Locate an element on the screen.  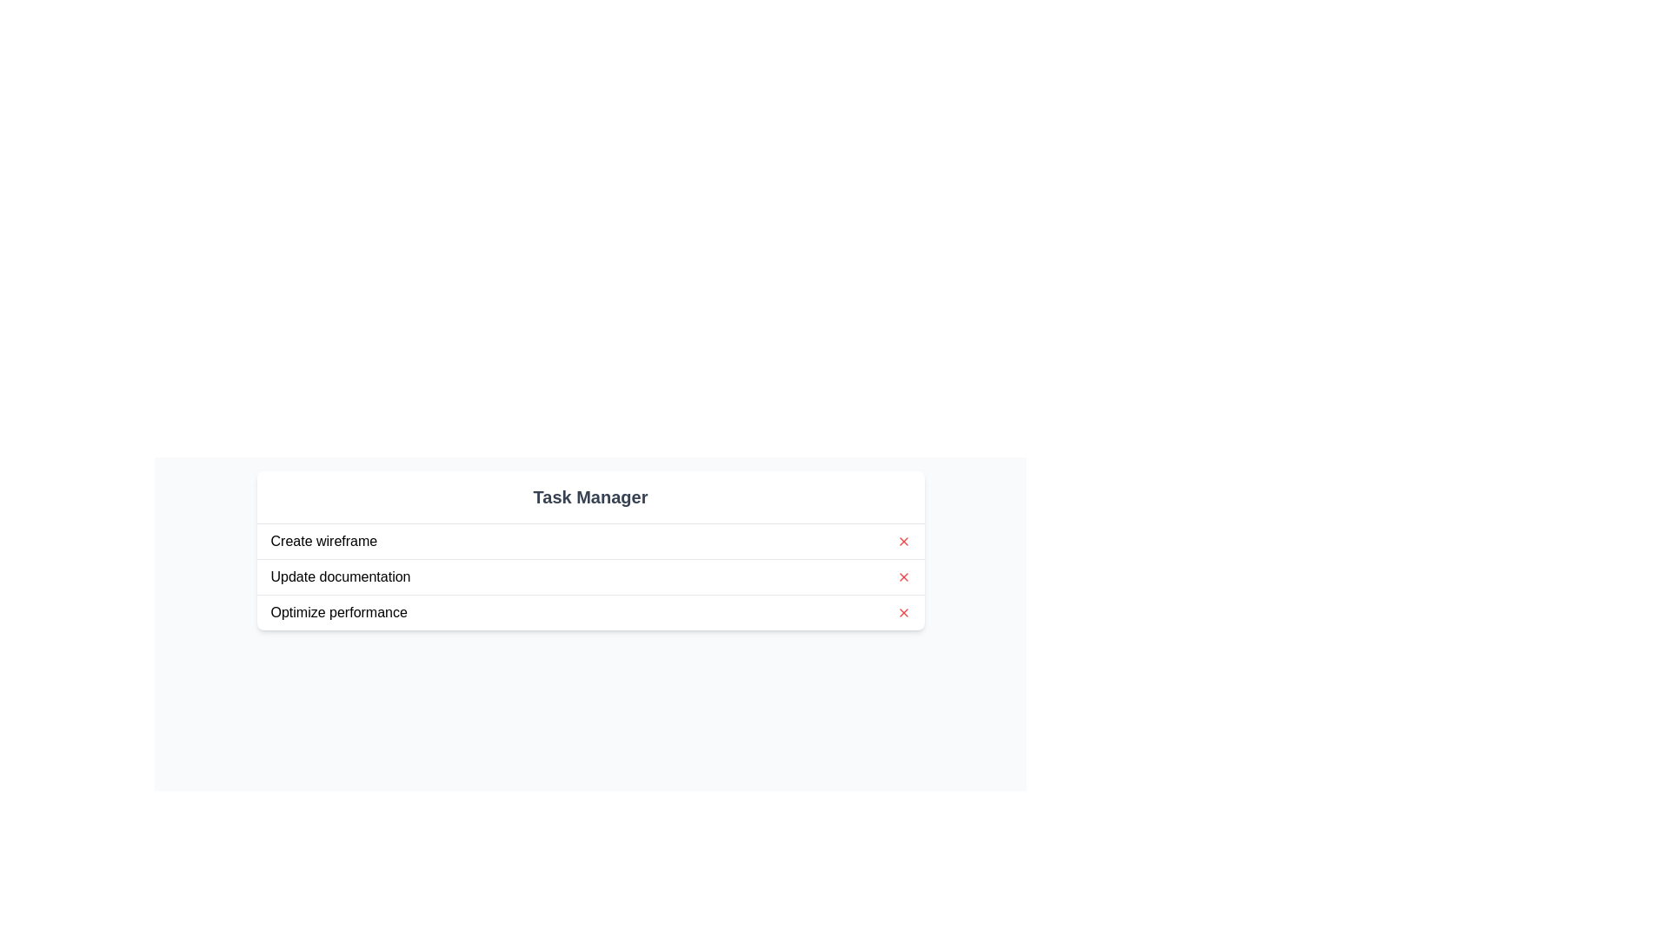
text of the first task entry in the task manager, located in the upper left corner of the task list is located at coordinates (323, 541).